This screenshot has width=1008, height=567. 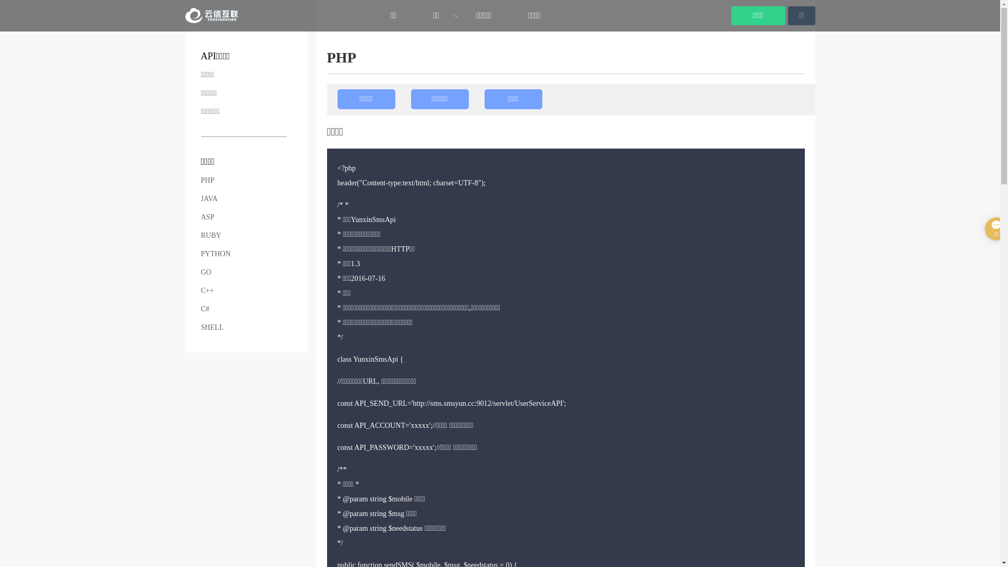 I want to click on 'GO', so click(x=206, y=271).